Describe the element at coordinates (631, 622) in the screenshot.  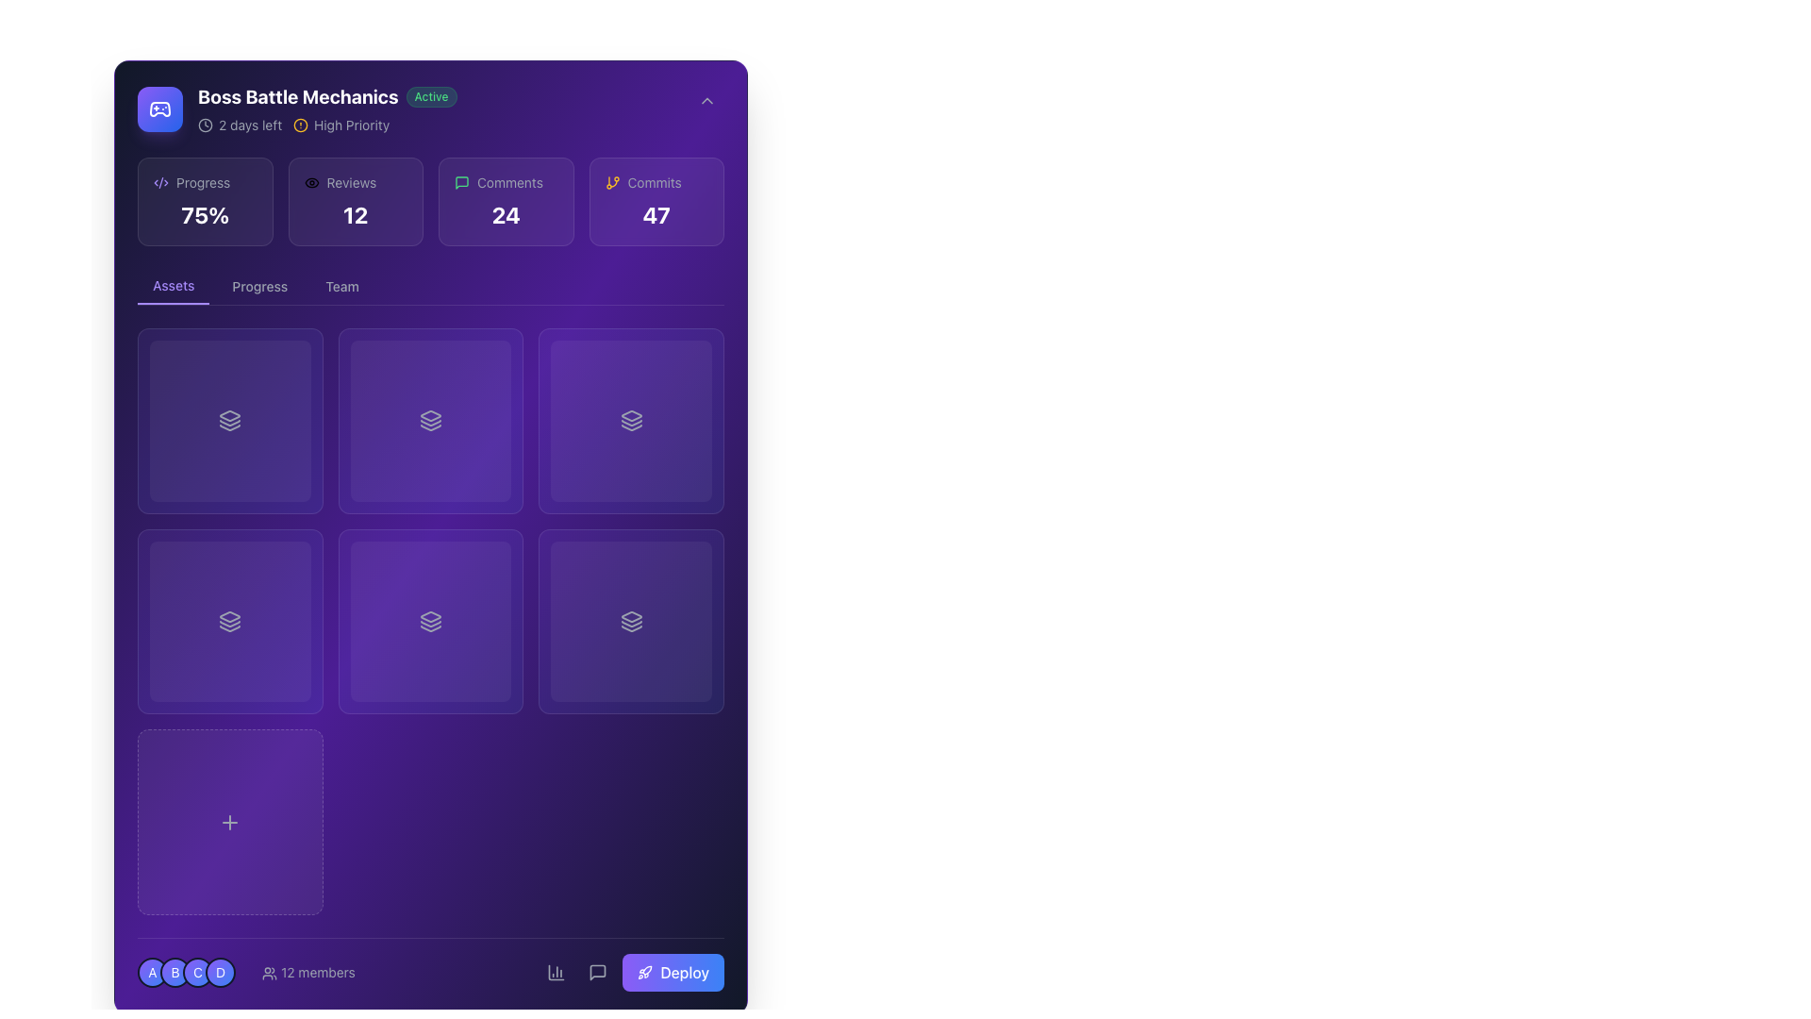
I see `the interactive gradient overlay background located in the bottom-right cell of a 3x2 grid arrangement, featuring violet to blue shades with a semi-transparent appearance` at that location.